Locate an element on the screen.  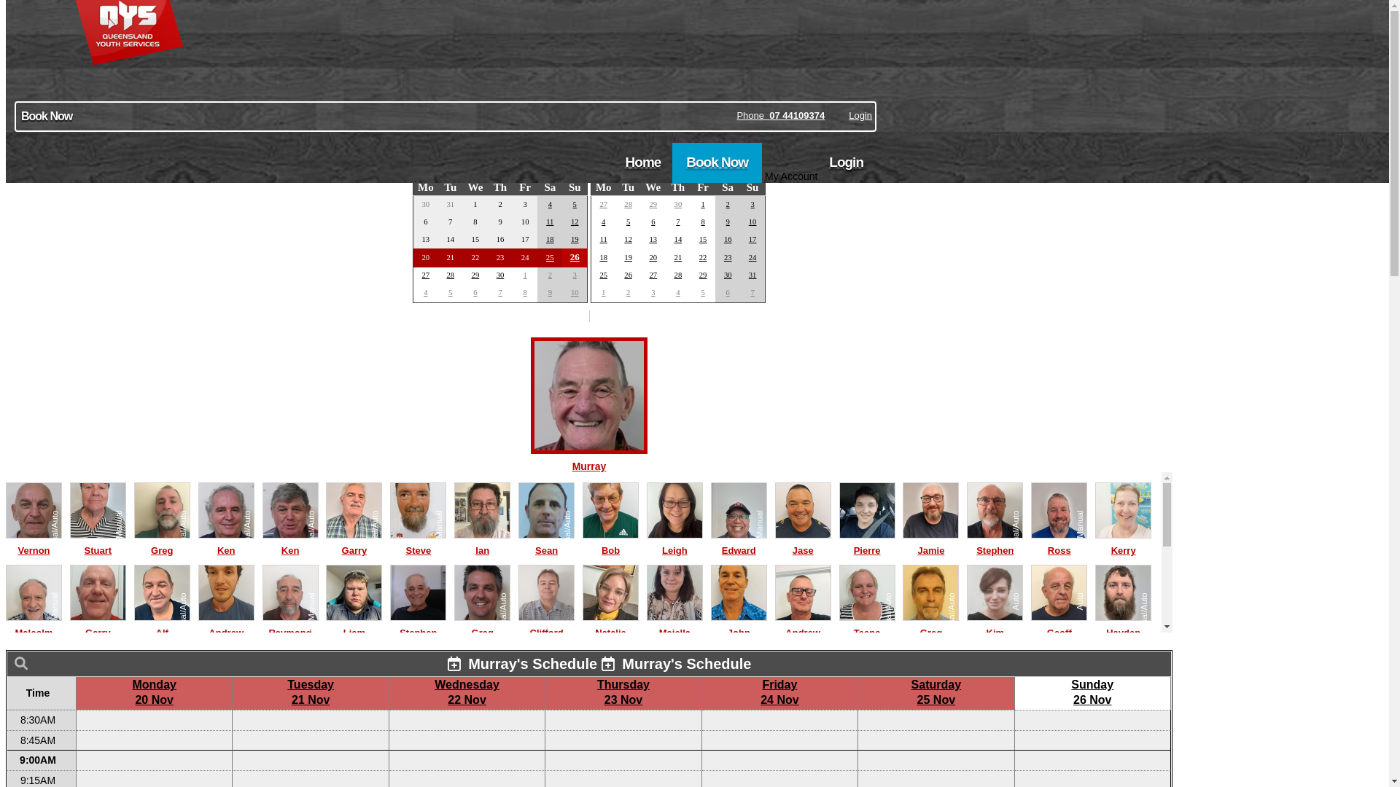
'24' is located at coordinates (752, 257).